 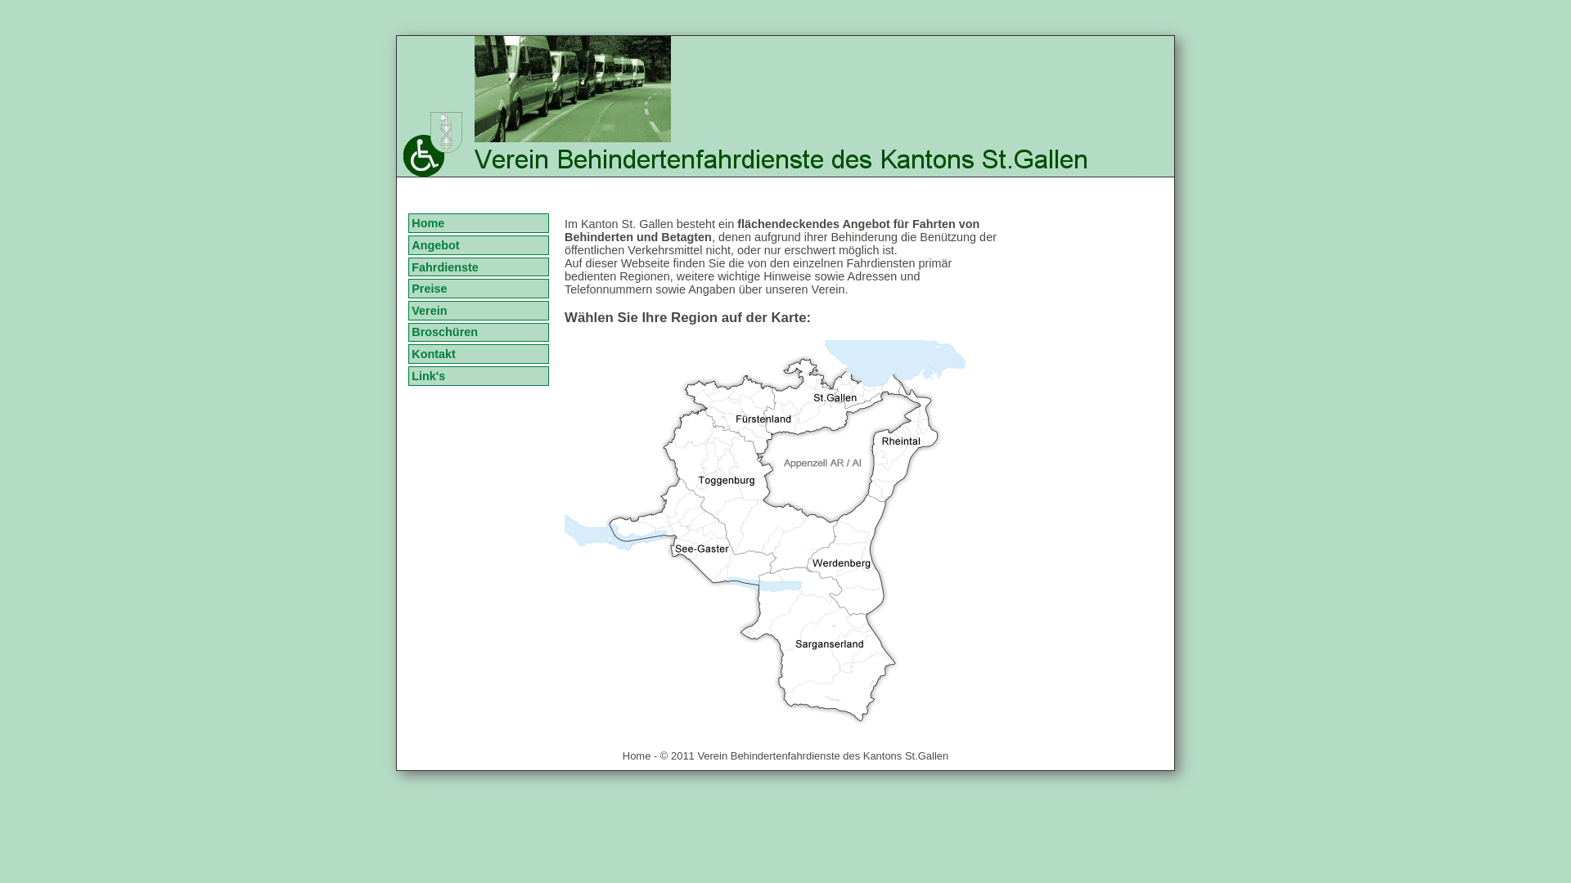 What do you see at coordinates (408, 352) in the screenshot?
I see `'Kontakt'` at bounding box center [408, 352].